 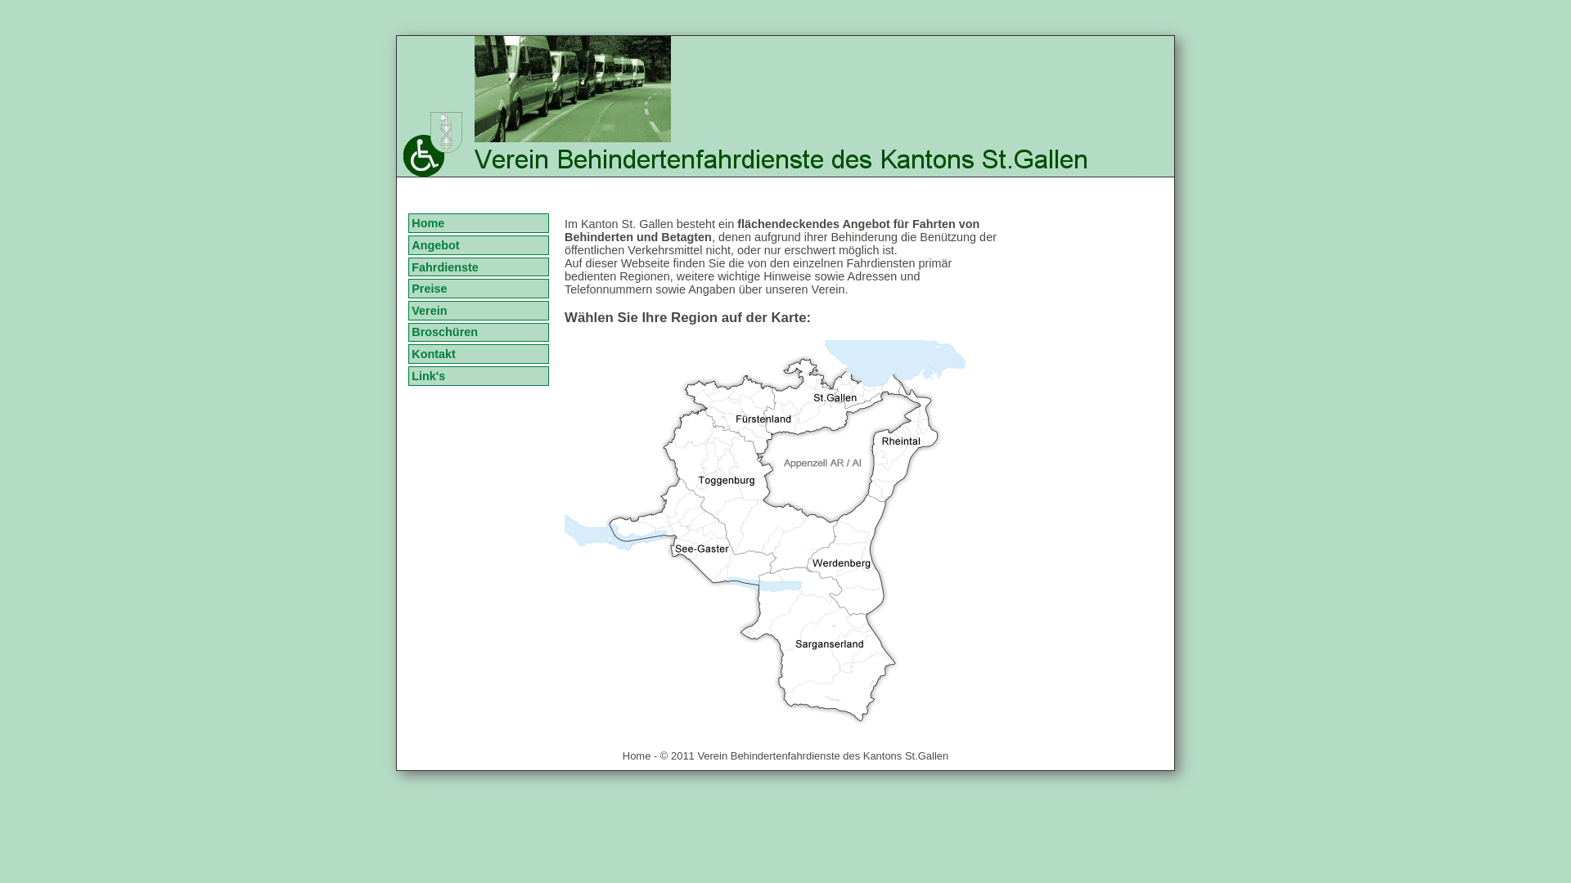 What do you see at coordinates (408, 352) in the screenshot?
I see `'Kontakt'` at bounding box center [408, 352].